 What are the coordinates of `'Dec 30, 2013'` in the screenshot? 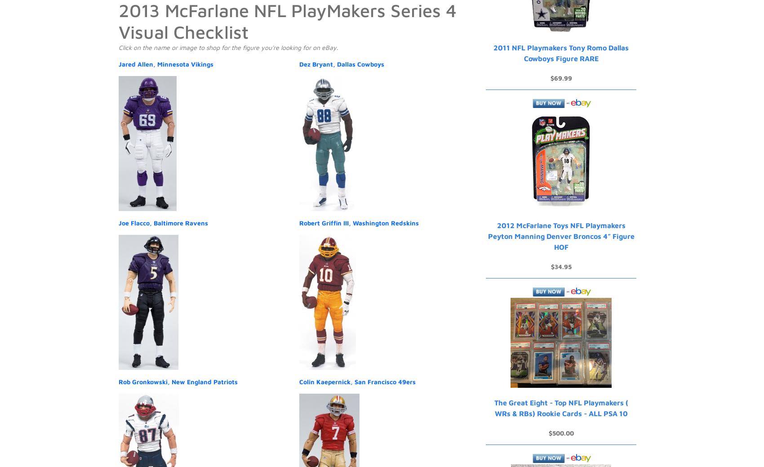 It's located at (204, 11).